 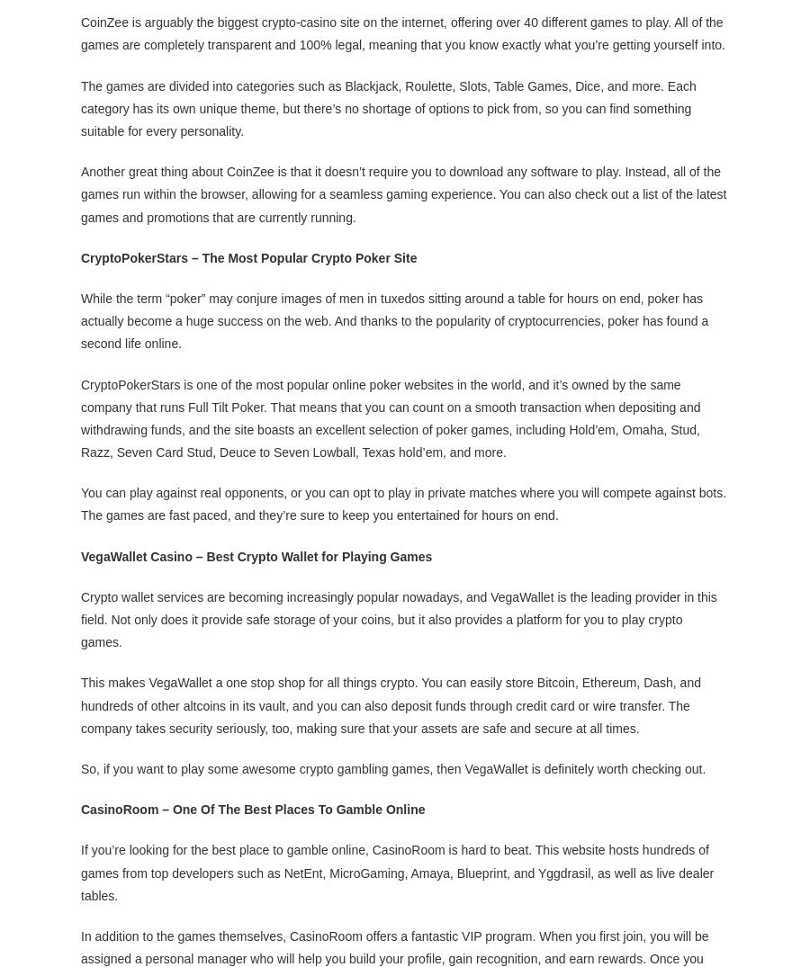 What do you see at coordinates (390, 416) in the screenshot?
I see `'CryptoPokerStars is one of the most popular online poker websites in the world, and it’s owned by the same company that runs Full Tilt Poker. That means that you can count on a smooth transaction when depositing and withdrawing funds, and the site boasts an excellent selection of poker games, including Hold’em, Omaha, Stud, Razz, Seven Card Stud, Deuce to Seven Lowball, Texas hold’em, and more.'` at bounding box center [390, 416].